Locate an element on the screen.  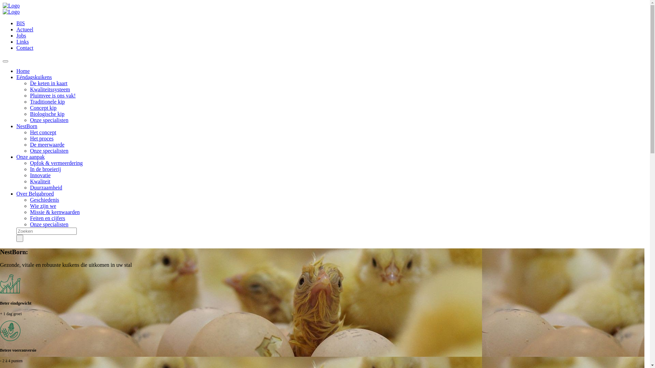
'Onze specialisten' is located at coordinates (29, 150).